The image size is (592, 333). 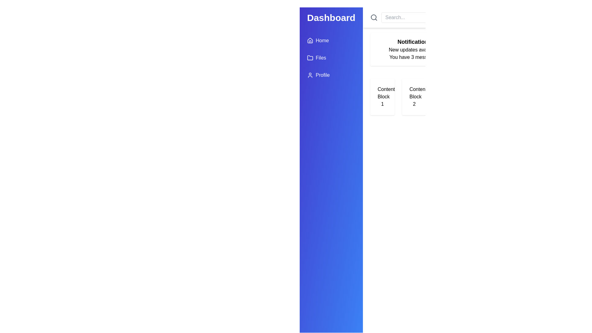 I want to click on the Content Block with centered black text 'Content Block 1', so click(x=382, y=97).